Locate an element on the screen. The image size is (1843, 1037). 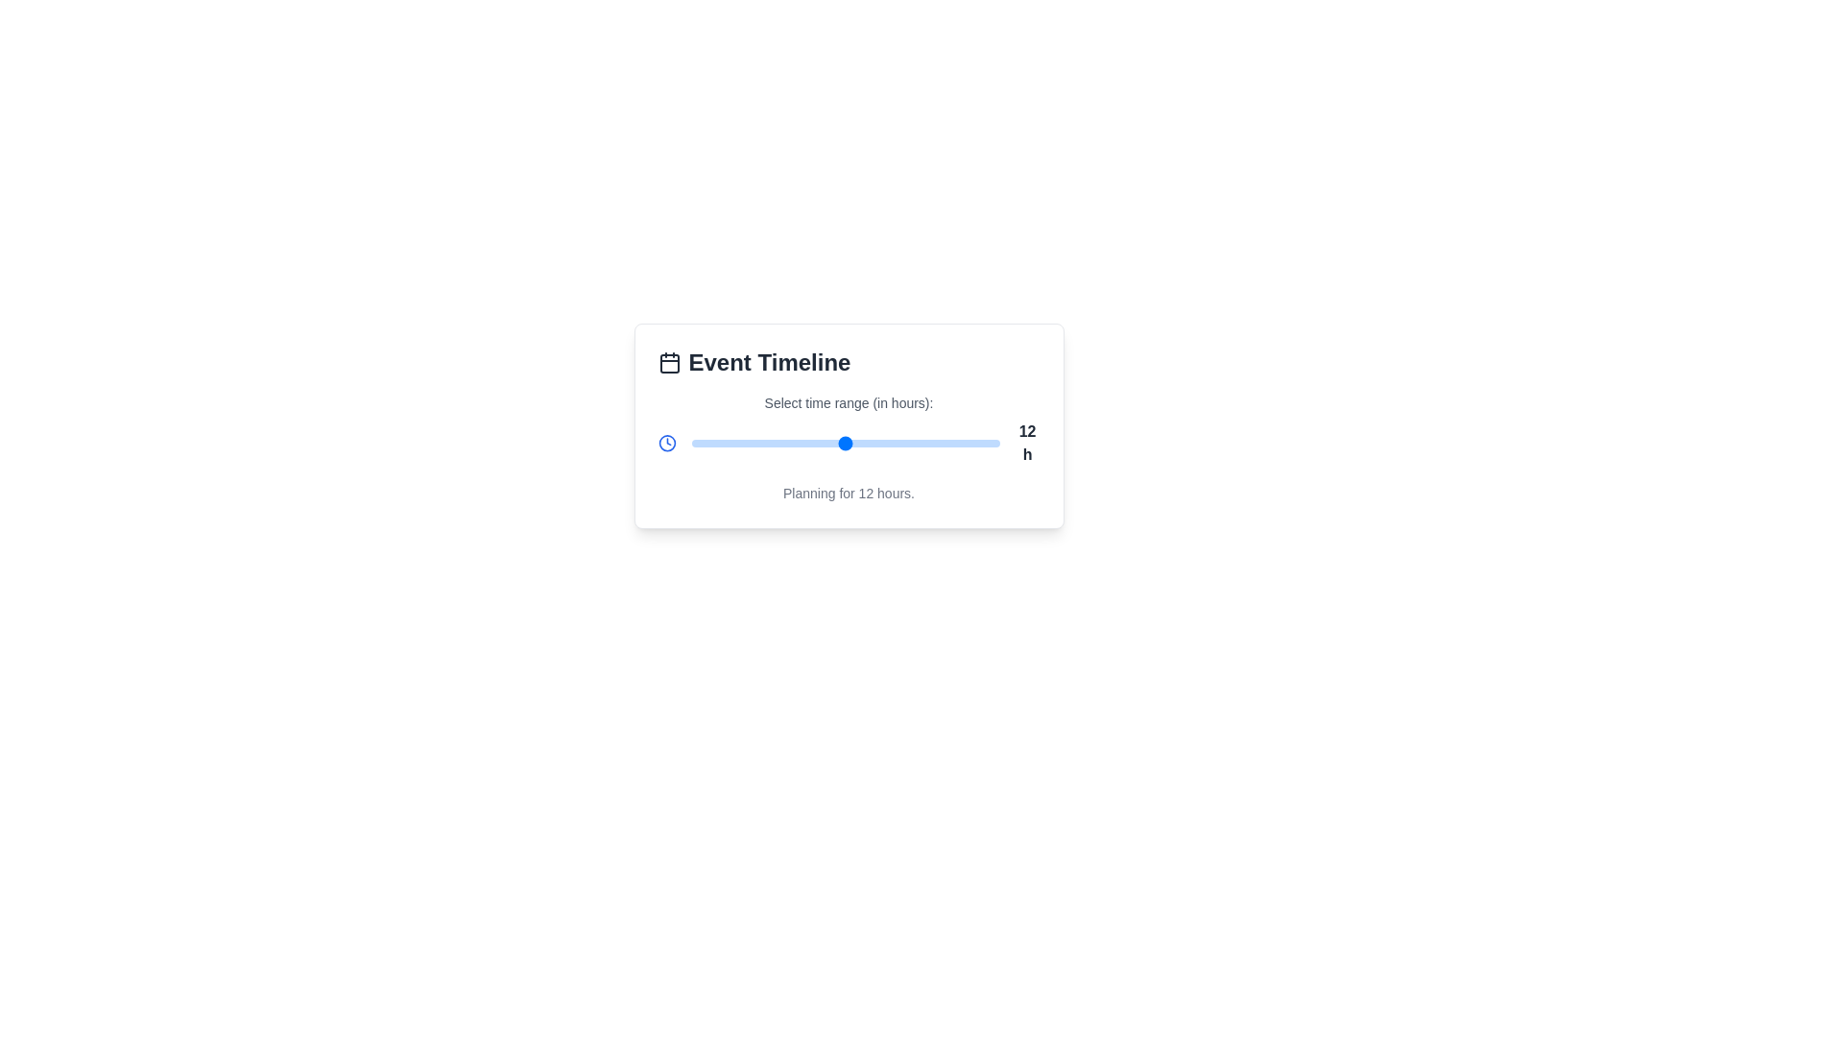
the number of hours is located at coordinates (704, 444).